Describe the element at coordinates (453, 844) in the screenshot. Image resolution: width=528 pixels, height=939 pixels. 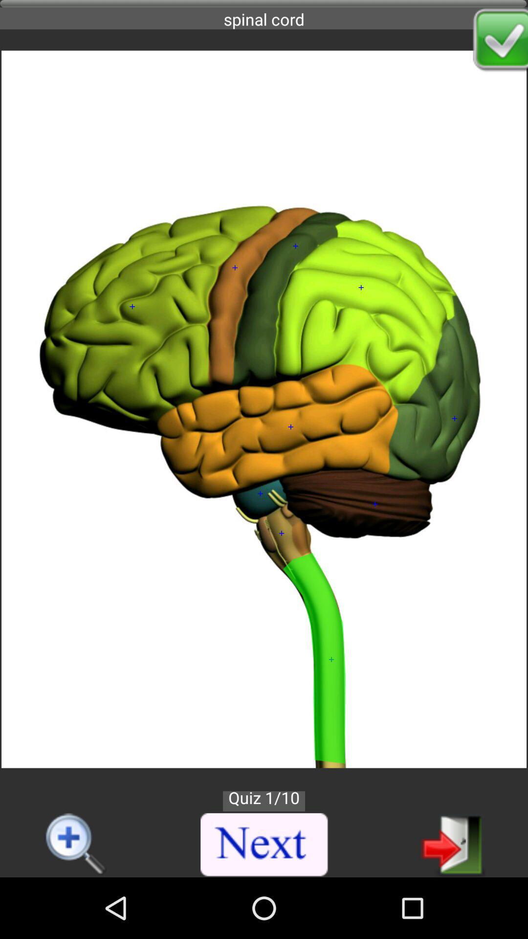
I see `for next quiz` at that location.